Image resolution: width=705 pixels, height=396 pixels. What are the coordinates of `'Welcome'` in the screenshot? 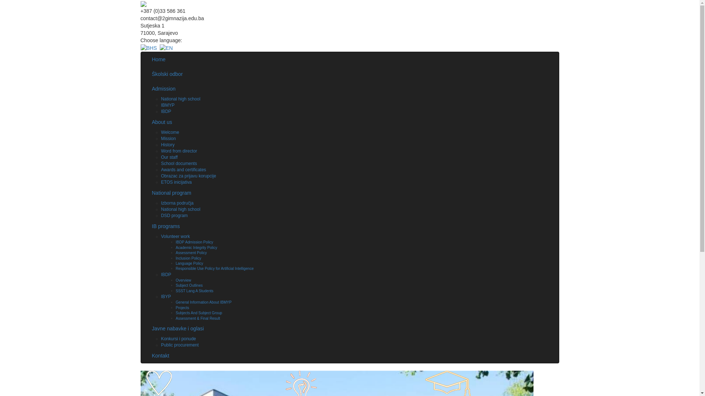 It's located at (160, 132).